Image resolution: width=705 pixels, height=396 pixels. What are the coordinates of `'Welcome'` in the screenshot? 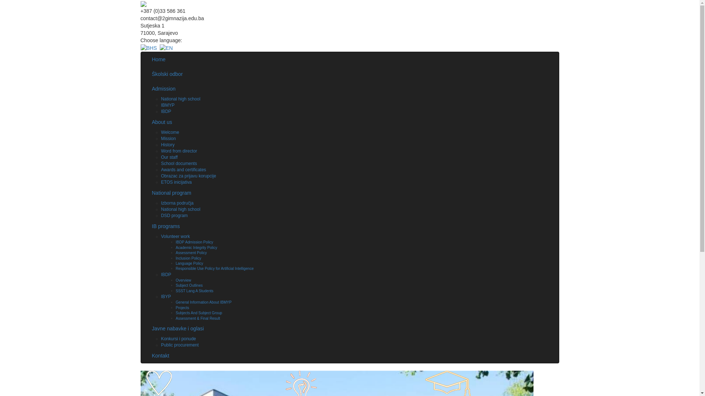 It's located at (160, 132).